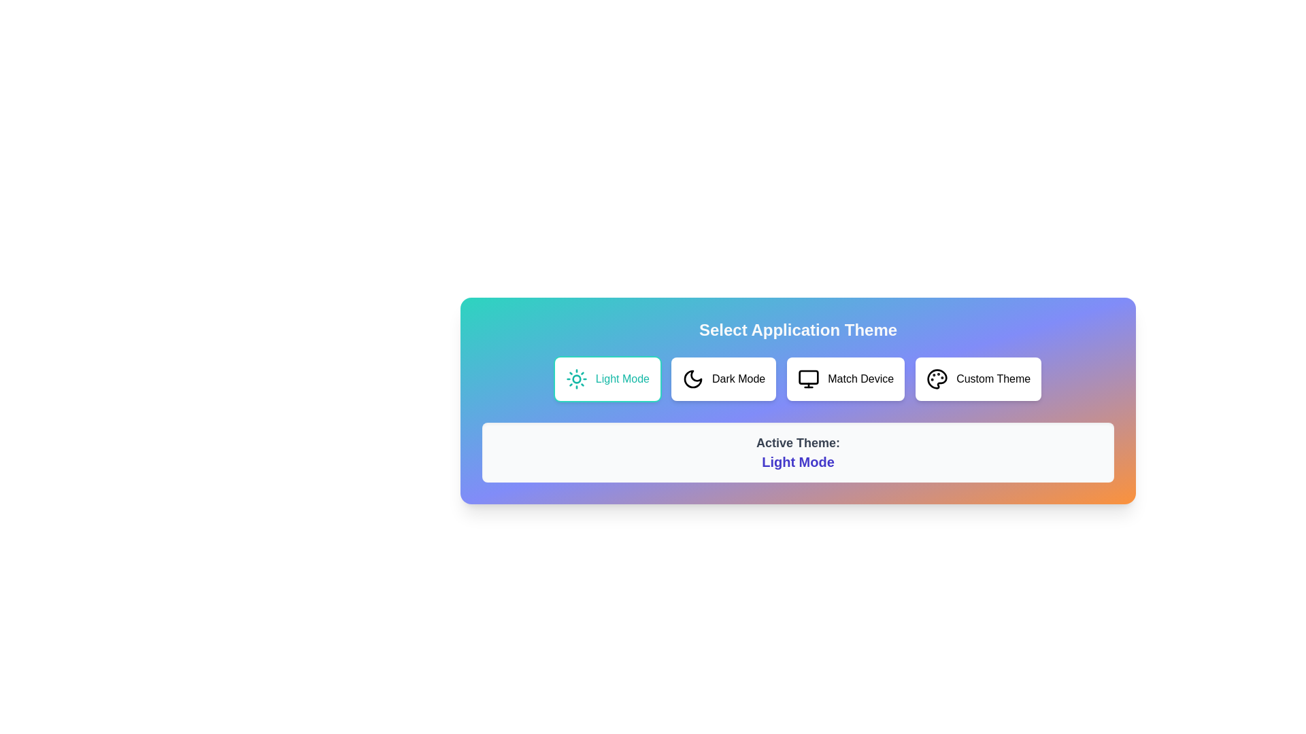  What do you see at coordinates (607, 379) in the screenshot?
I see `the theme button Light Mode to preview its hover effect` at bounding box center [607, 379].